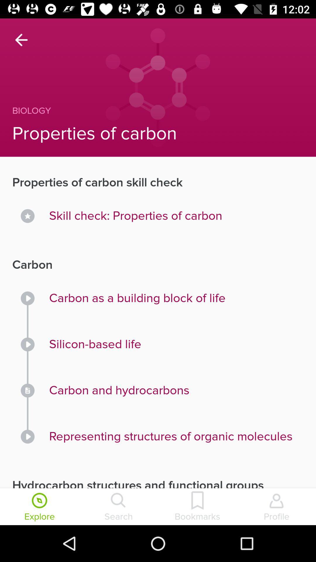 The height and width of the screenshot is (562, 316). I want to click on item below hydrocarbon structures and item, so click(118, 507).